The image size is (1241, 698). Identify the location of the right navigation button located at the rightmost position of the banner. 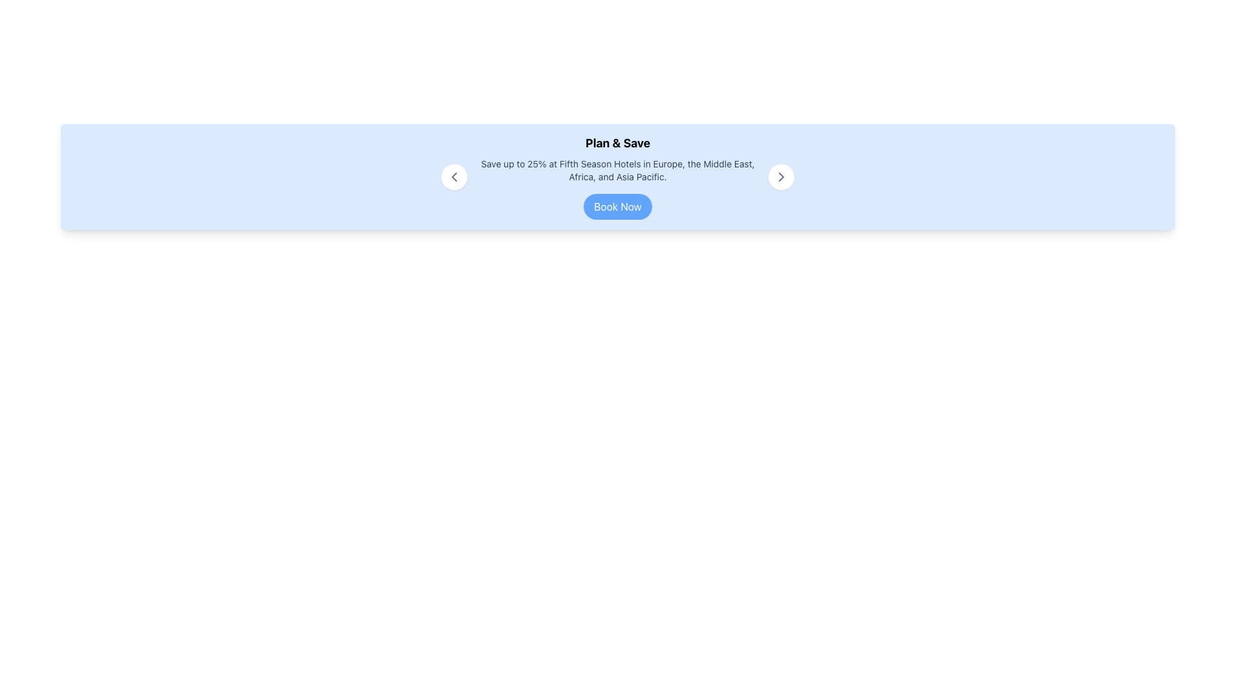
(781, 176).